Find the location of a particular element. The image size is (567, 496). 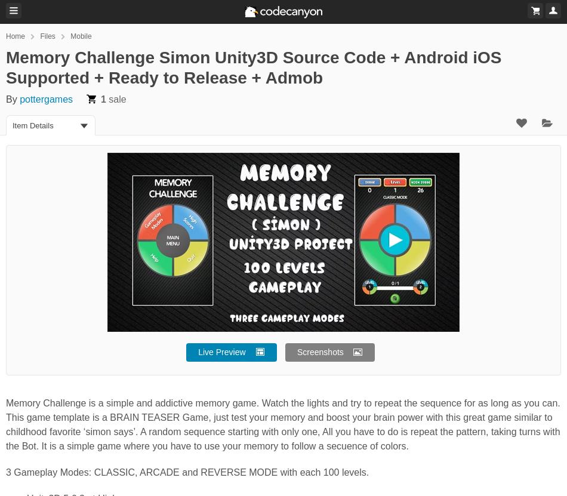

'Files' is located at coordinates (47, 35).